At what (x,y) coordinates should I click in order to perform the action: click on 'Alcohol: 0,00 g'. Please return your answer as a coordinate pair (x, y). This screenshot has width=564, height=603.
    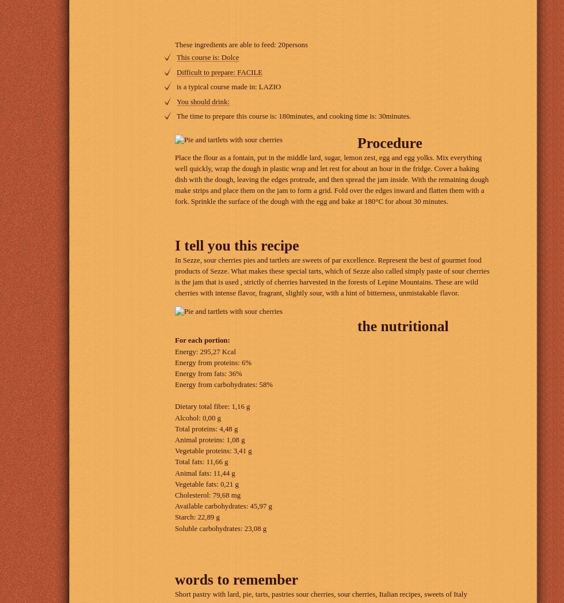
    Looking at the image, I should click on (197, 418).